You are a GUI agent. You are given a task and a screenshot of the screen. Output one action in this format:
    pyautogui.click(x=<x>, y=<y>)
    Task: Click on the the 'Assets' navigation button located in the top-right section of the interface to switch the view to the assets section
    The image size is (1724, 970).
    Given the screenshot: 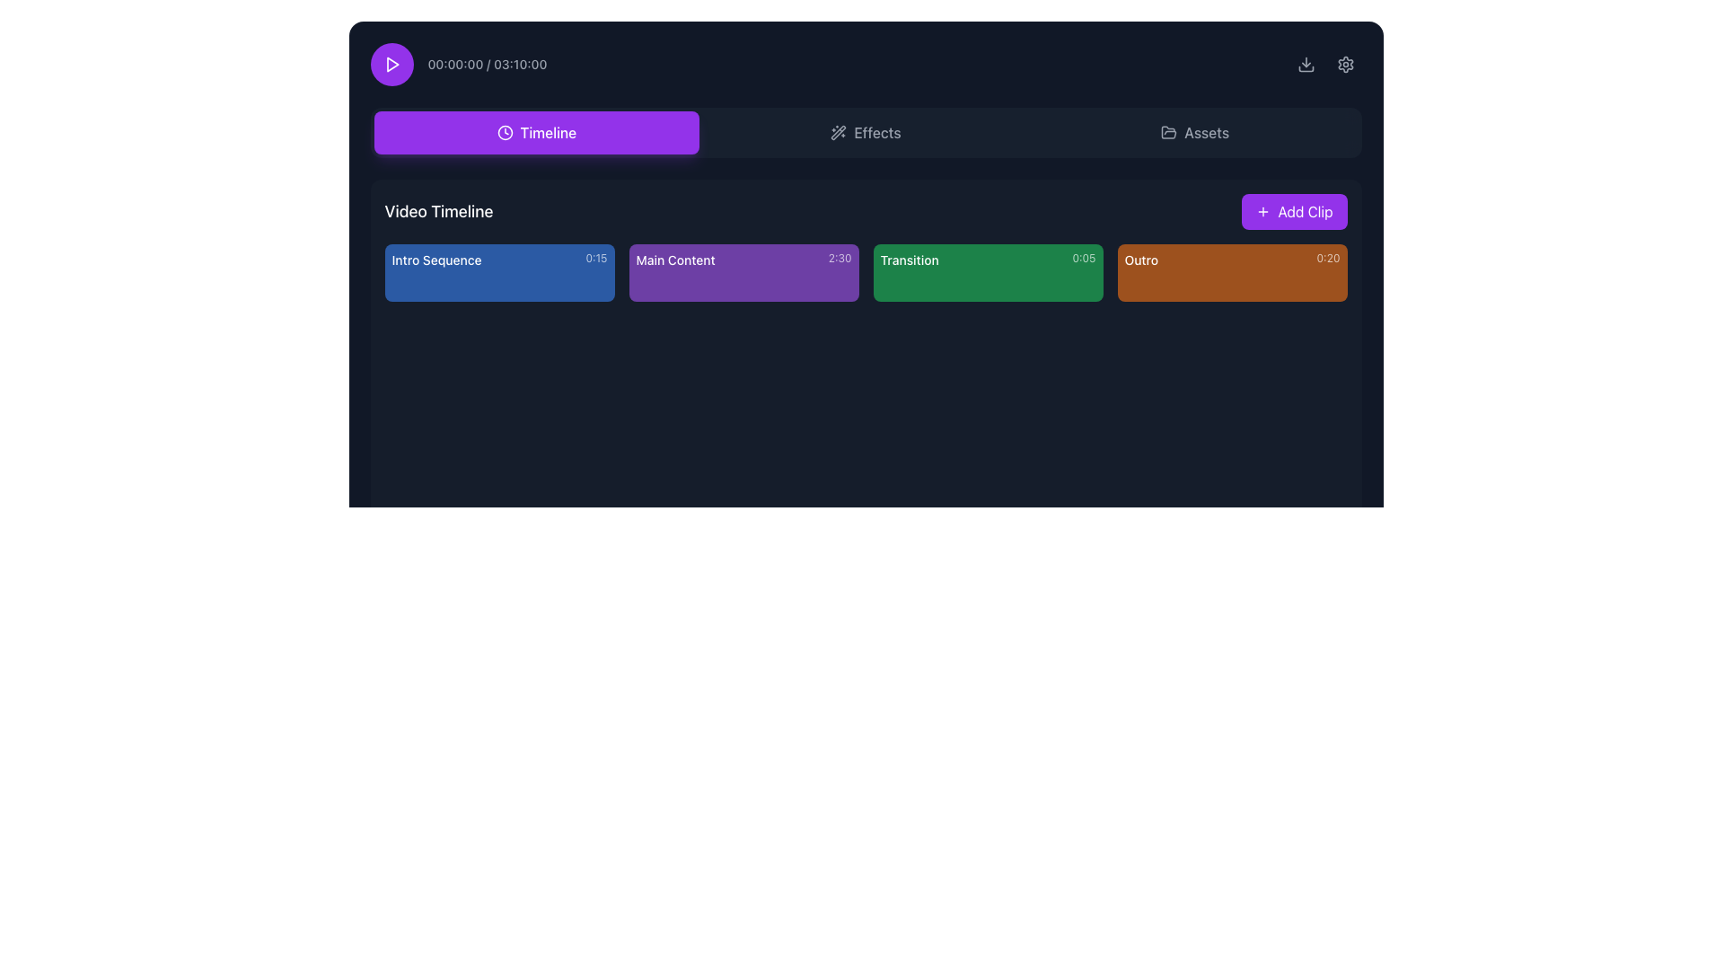 What is the action you would take?
    pyautogui.click(x=1194, y=131)
    